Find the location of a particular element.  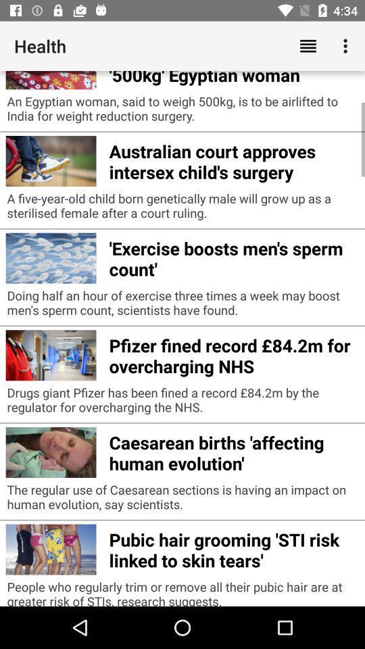

the regular use item is located at coordinates (182, 500).